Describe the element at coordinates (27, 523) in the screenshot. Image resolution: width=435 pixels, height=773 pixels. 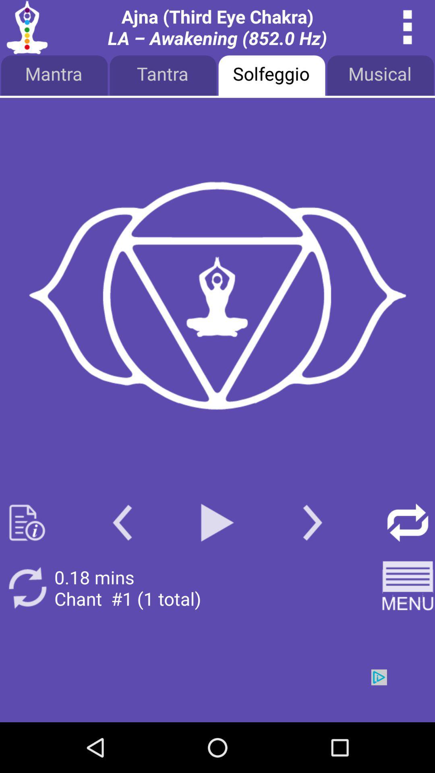
I see `book page` at that location.